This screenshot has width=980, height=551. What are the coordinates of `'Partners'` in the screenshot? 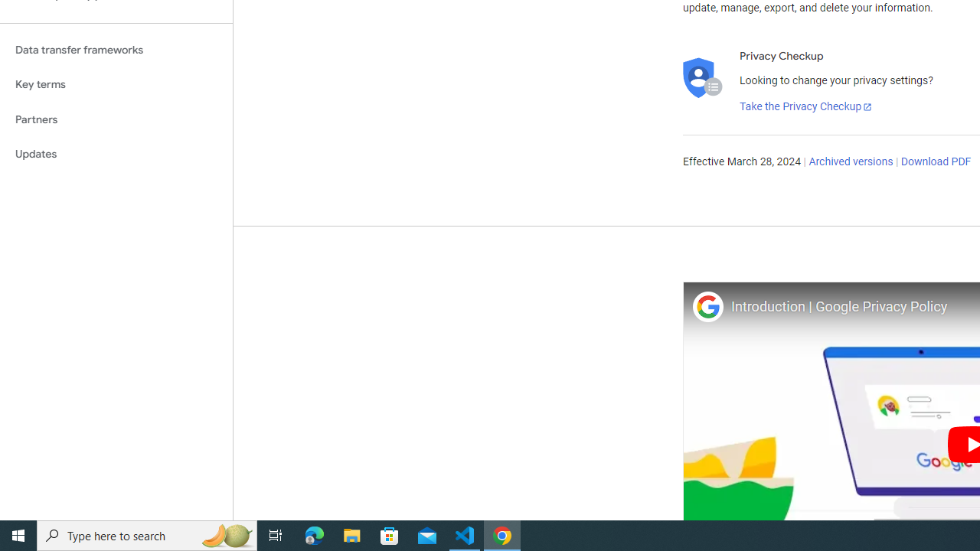 It's located at (116, 119).